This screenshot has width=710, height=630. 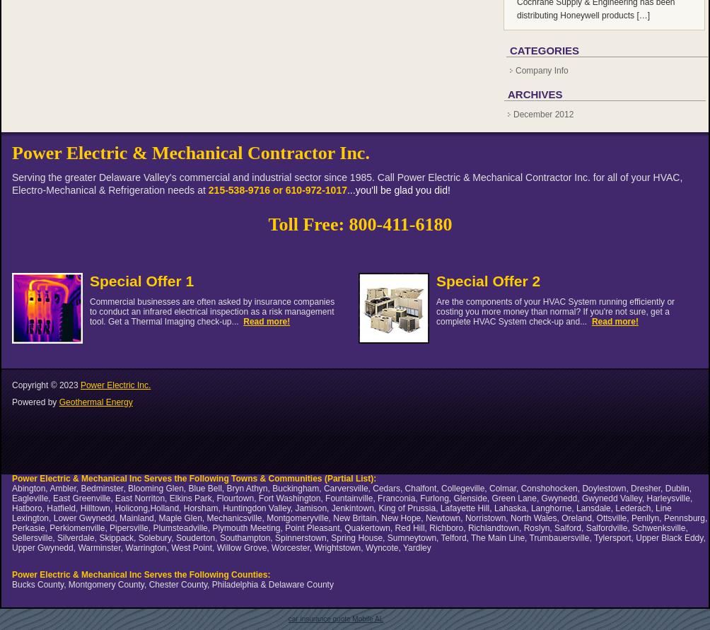 I want to click on '2023', so click(x=69, y=385).